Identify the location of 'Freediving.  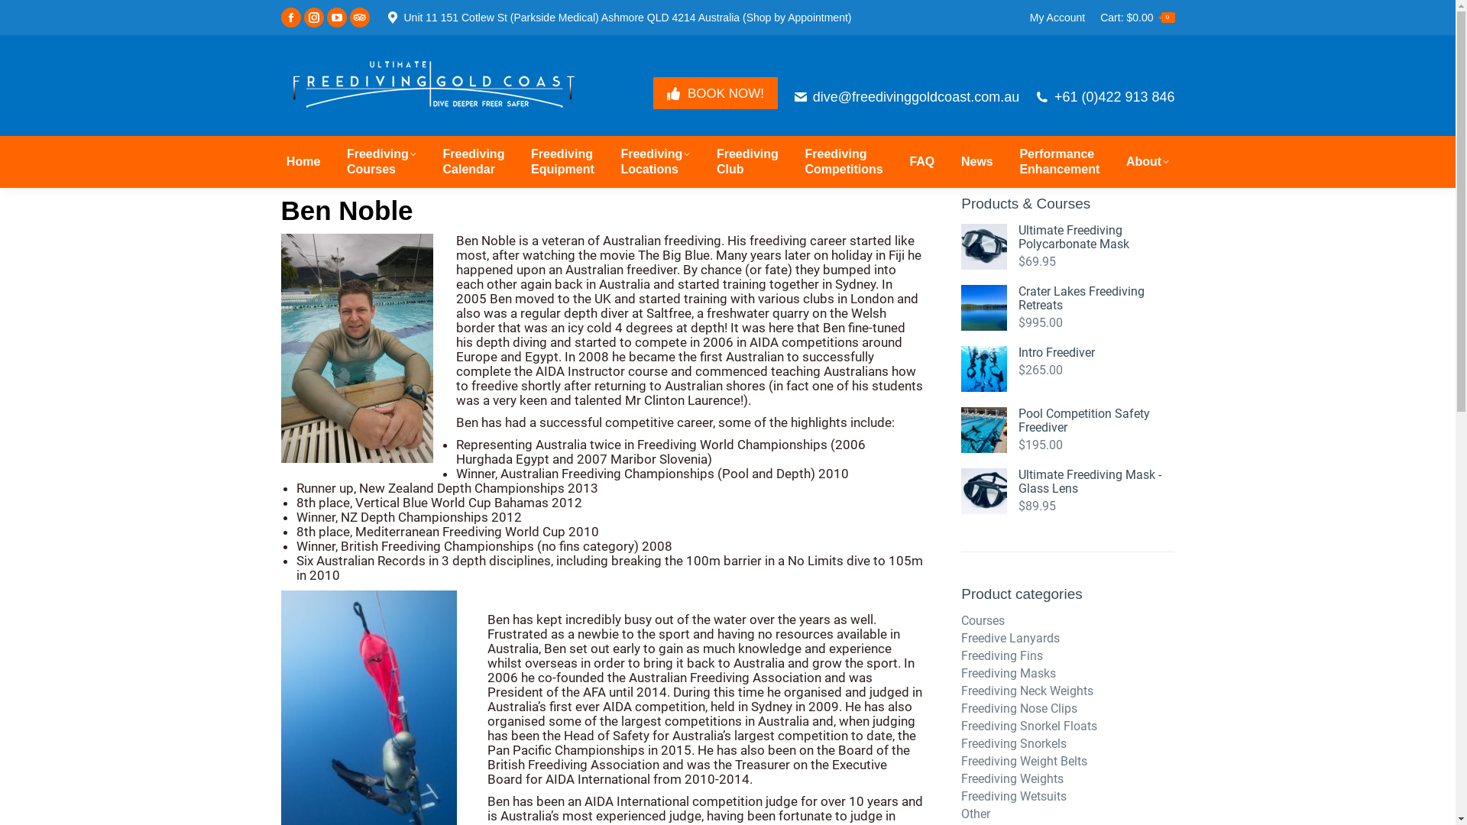
(562, 162).